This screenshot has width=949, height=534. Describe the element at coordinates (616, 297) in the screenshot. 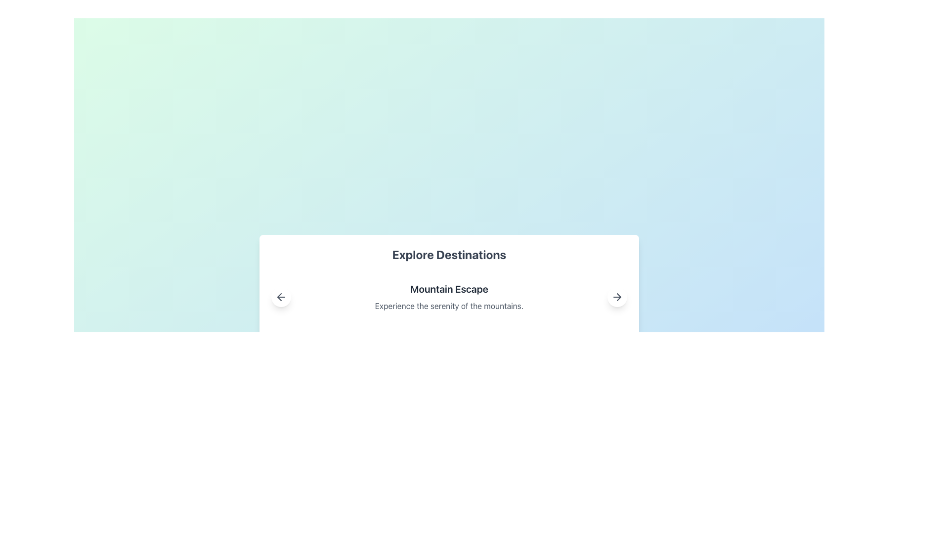

I see `the circular button with a white background and gray border, featuring a right-pointing arrow icon, located at the bottom-right corner of the 'Mountain Escape' card` at that location.